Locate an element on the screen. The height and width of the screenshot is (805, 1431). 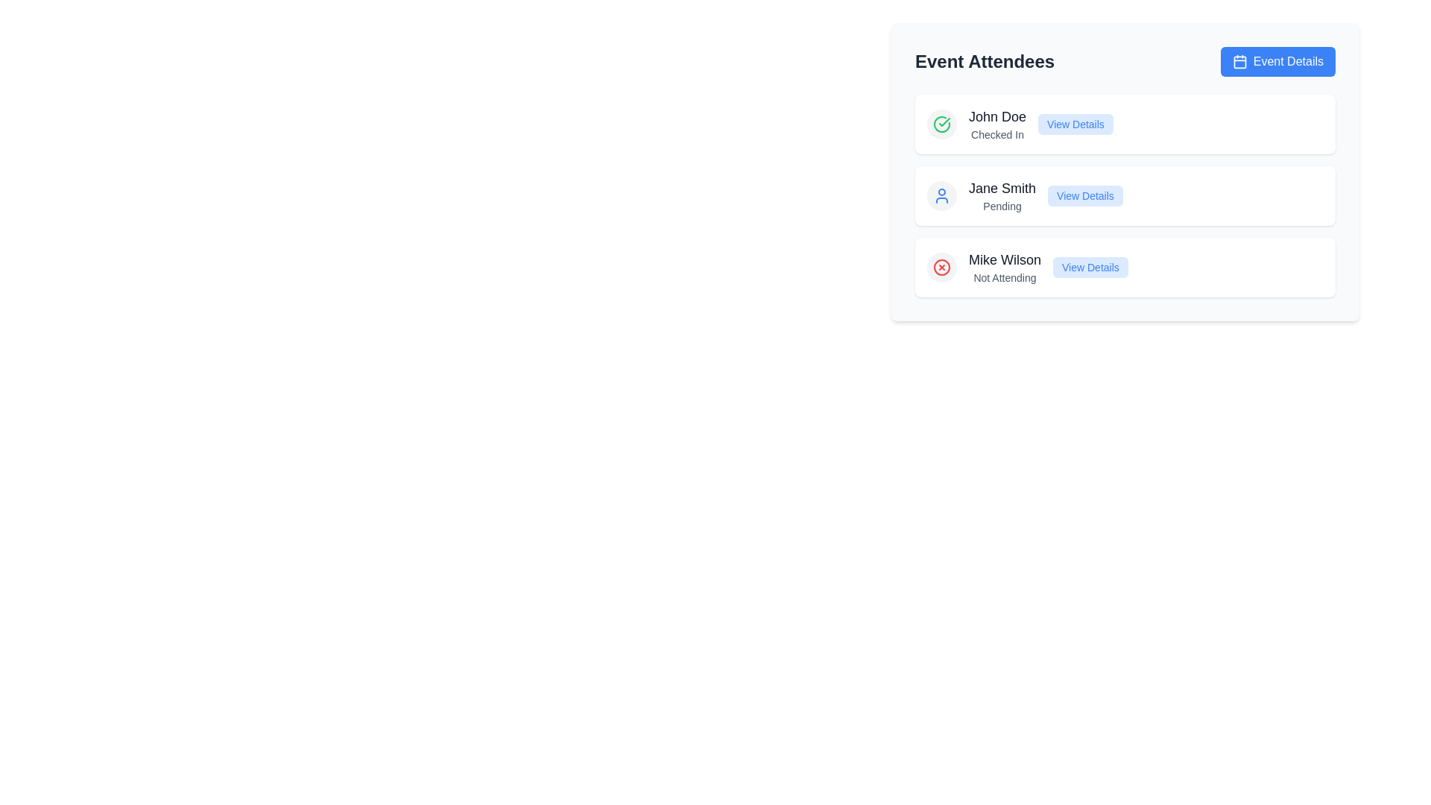
the button located on the right side of the 'Event Attendees' heading is located at coordinates (1277, 61).